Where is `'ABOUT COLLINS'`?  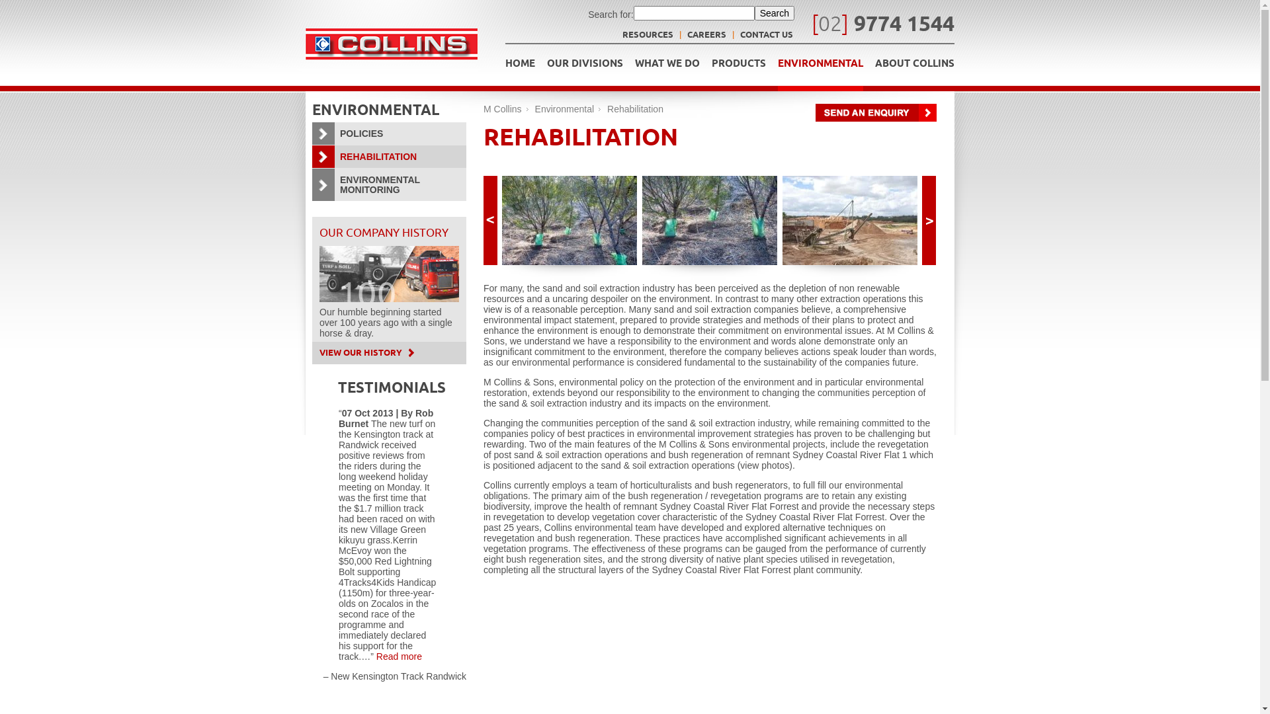
'ABOUT COLLINS' is located at coordinates (913, 67).